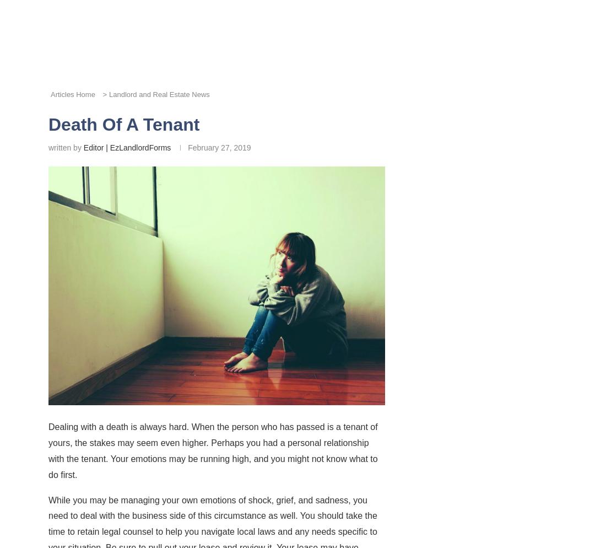 The width and height of the screenshot is (606, 548). Describe the element at coordinates (259, 253) in the screenshot. I see `'Tenant'` at that location.